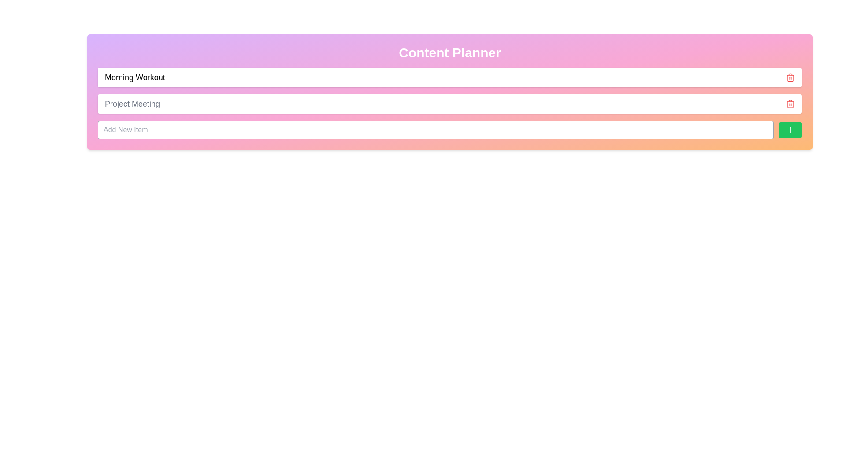  I want to click on the second task in the to-do list, which is located below 'Morning Workout' and above the input box labeled 'Add New Item', so click(450, 103).